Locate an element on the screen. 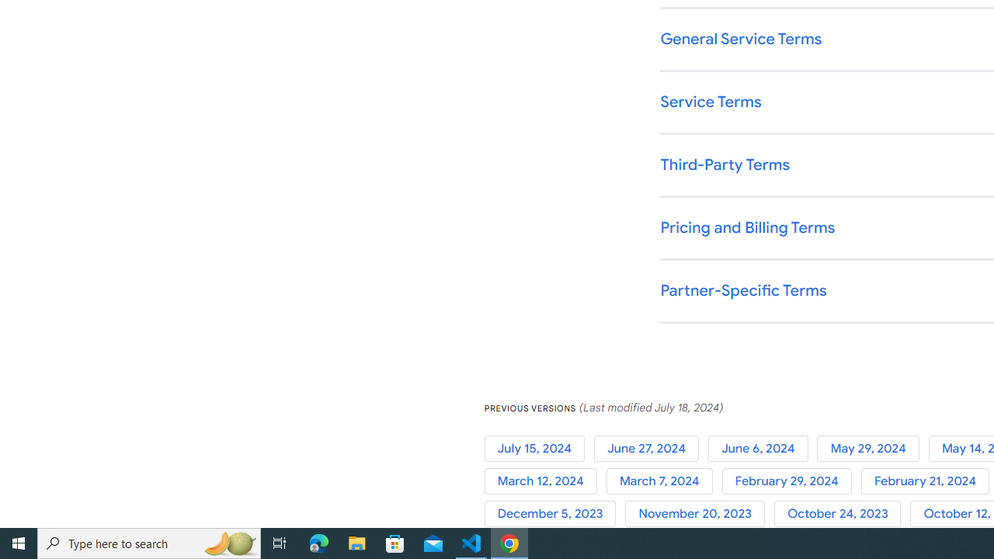  'July 15, 2024' is located at coordinates (539, 448).